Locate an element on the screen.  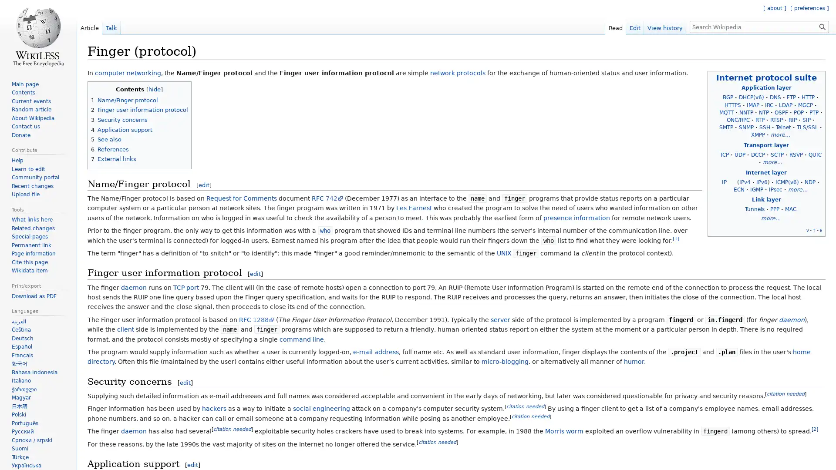
Search is located at coordinates (822, 26).